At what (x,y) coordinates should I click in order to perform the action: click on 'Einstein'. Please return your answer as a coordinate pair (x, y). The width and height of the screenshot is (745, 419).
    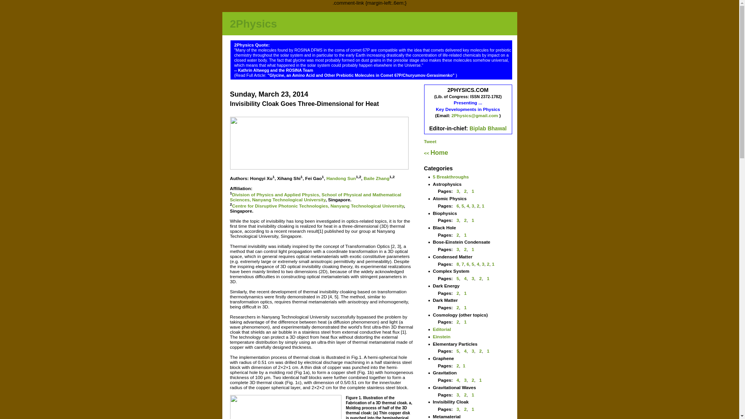
    Looking at the image, I should click on (442, 336).